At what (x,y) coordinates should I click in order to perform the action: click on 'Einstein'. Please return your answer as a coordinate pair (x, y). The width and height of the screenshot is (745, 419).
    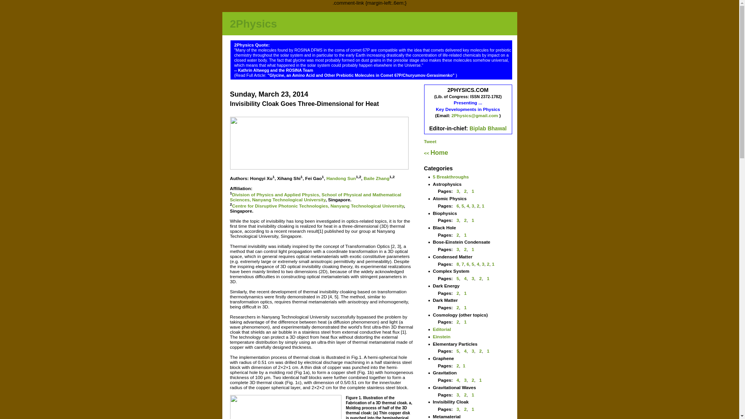
    Looking at the image, I should click on (442, 336).